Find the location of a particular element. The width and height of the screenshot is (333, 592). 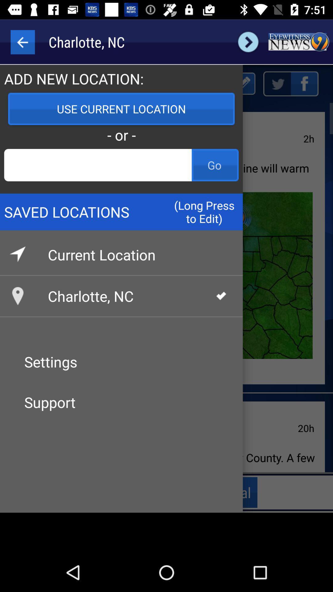

the arrow_forward icon is located at coordinates (248, 42).